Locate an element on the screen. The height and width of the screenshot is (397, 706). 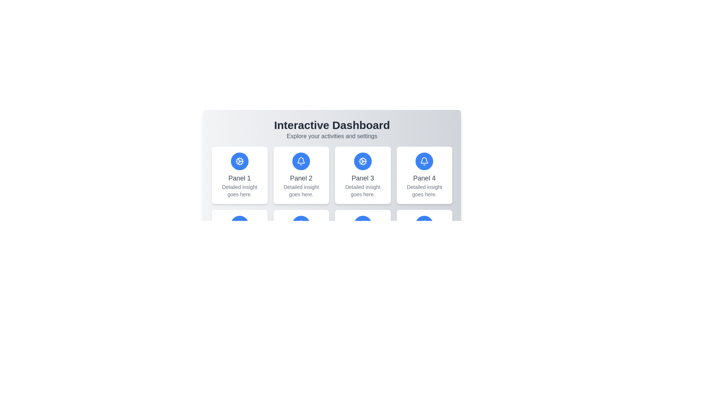
the text element located in the fourth panel titled 'Panel 4', positioned beneath the main panel title is located at coordinates (424, 190).